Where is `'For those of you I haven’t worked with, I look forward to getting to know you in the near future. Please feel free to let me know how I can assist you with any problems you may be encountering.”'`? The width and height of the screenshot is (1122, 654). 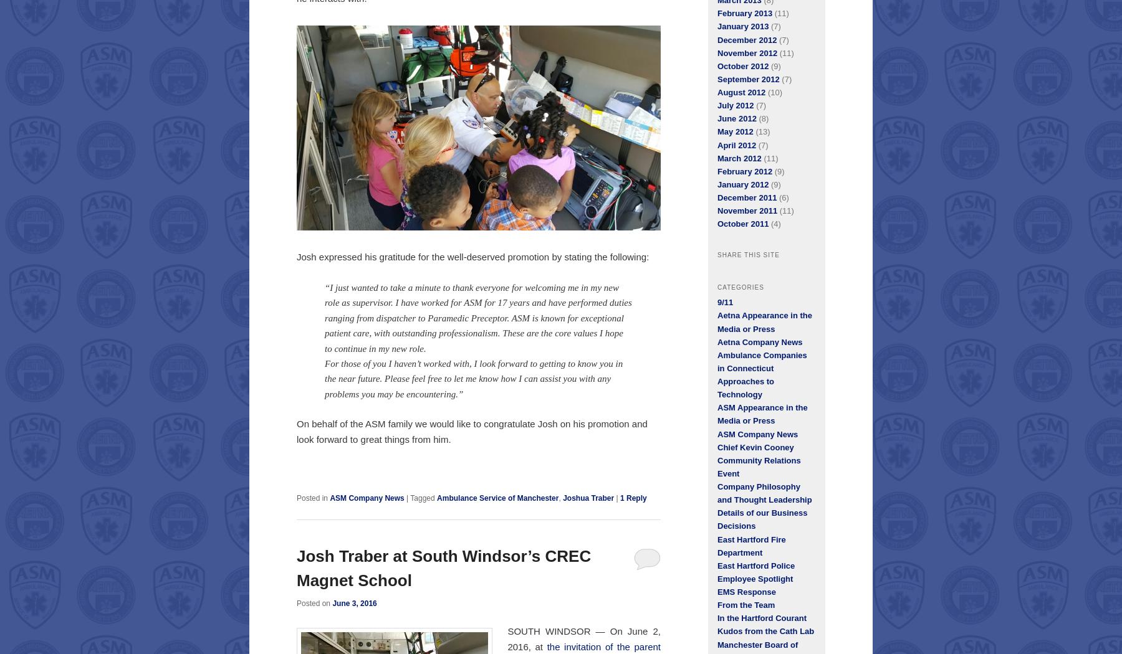
'For those of you I haven’t worked with, I look forward to getting to know you in the near future. Please feel free to let me know how I can assist you with any problems you may be encountering.”' is located at coordinates (472, 378).